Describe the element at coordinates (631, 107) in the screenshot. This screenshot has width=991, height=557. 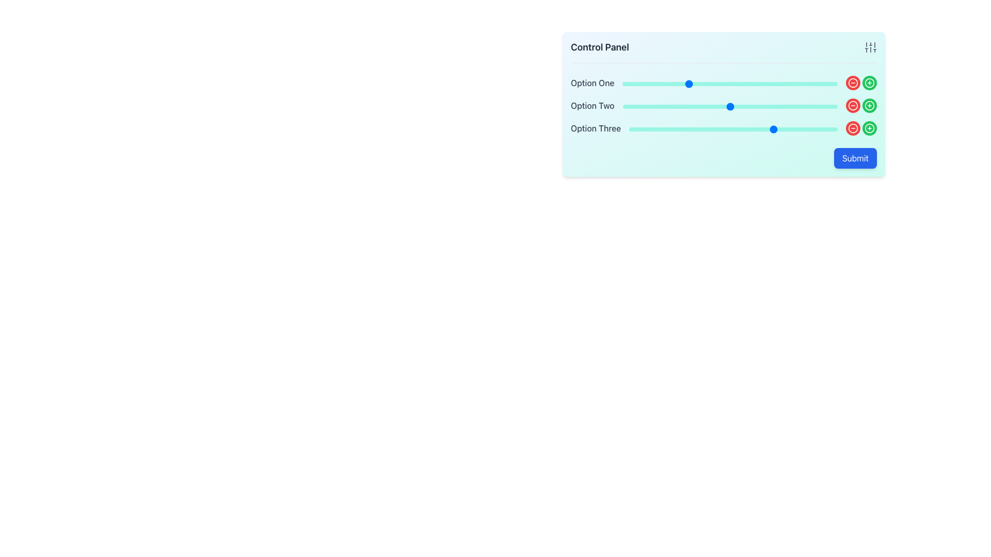
I see `the slider` at that location.